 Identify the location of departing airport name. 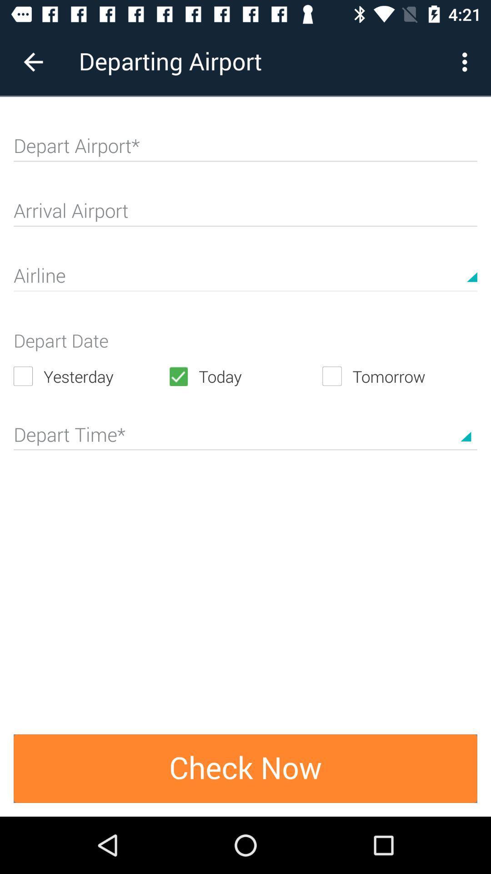
(245, 150).